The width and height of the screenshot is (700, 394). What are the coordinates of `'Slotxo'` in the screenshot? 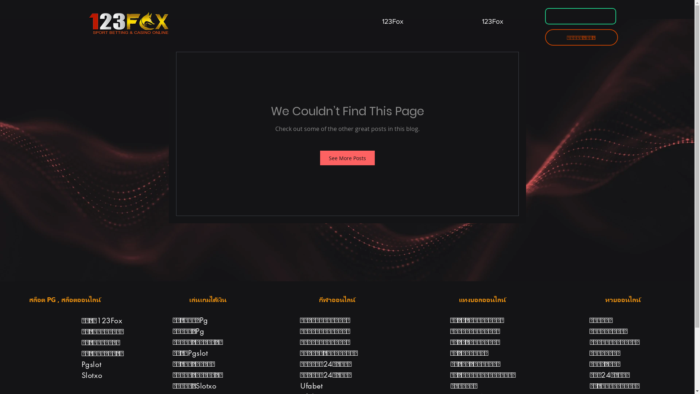 It's located at (92, 375).